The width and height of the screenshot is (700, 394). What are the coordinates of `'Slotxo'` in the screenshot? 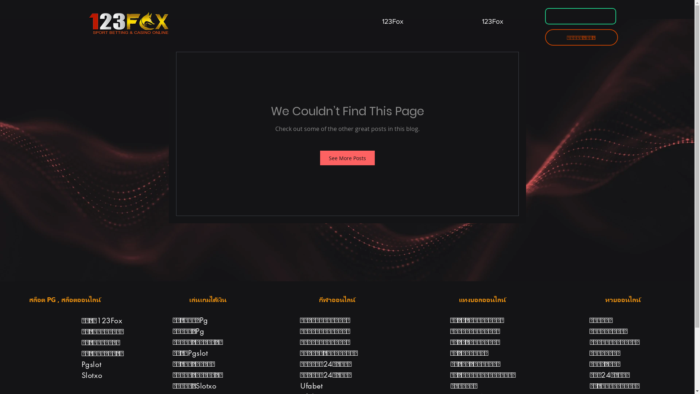 It's located at (92, 375).